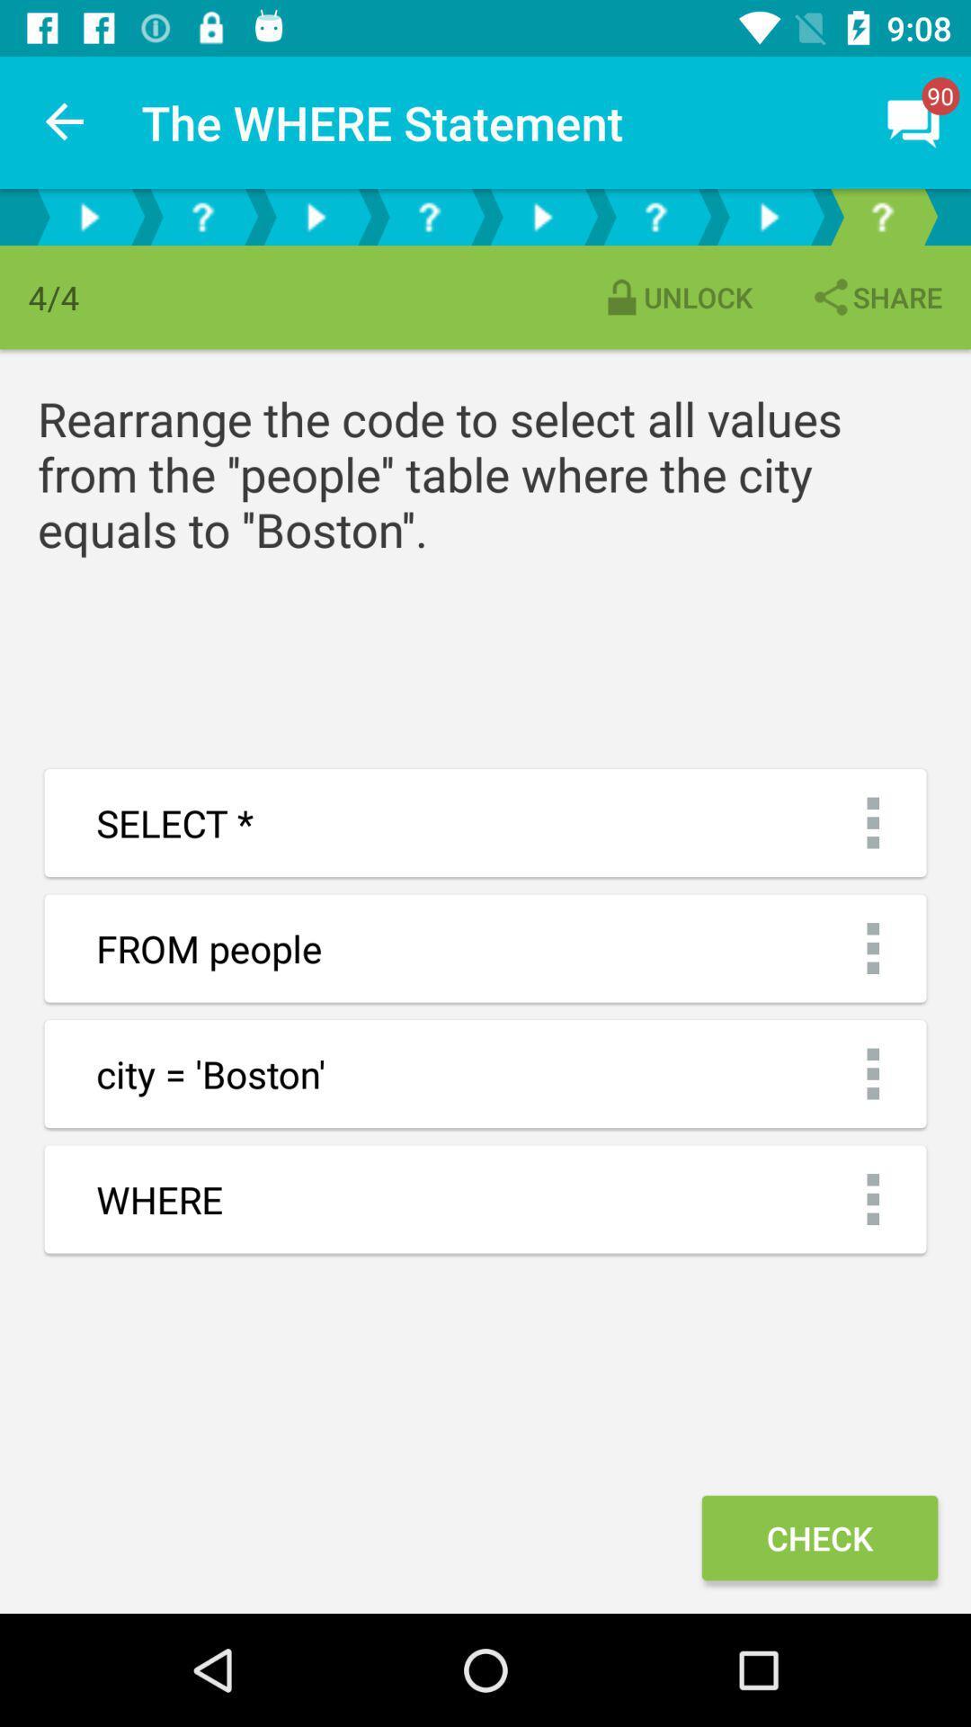 This screenshot has height=1727, width=971. I want to click on item next to the unlock icon, so click(875, 297).